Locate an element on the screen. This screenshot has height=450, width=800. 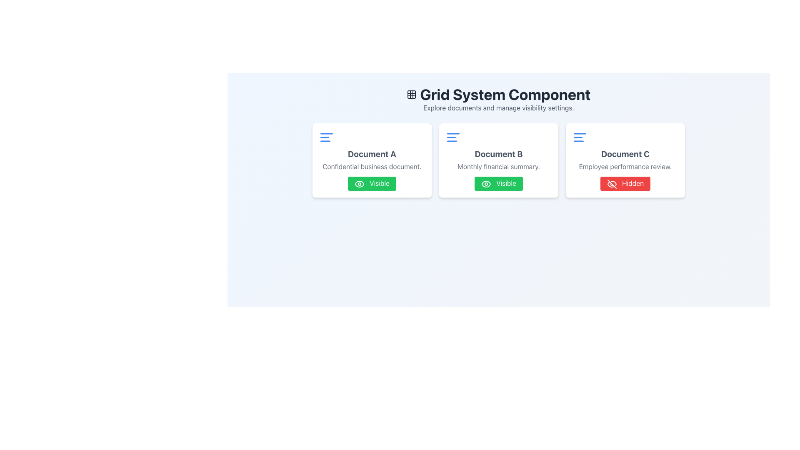
the eye-shaped icon representing the visibility status of 'Document B' in the green 'Visible' status badge located in the central card of the grid is located at coordinates (486, 183).